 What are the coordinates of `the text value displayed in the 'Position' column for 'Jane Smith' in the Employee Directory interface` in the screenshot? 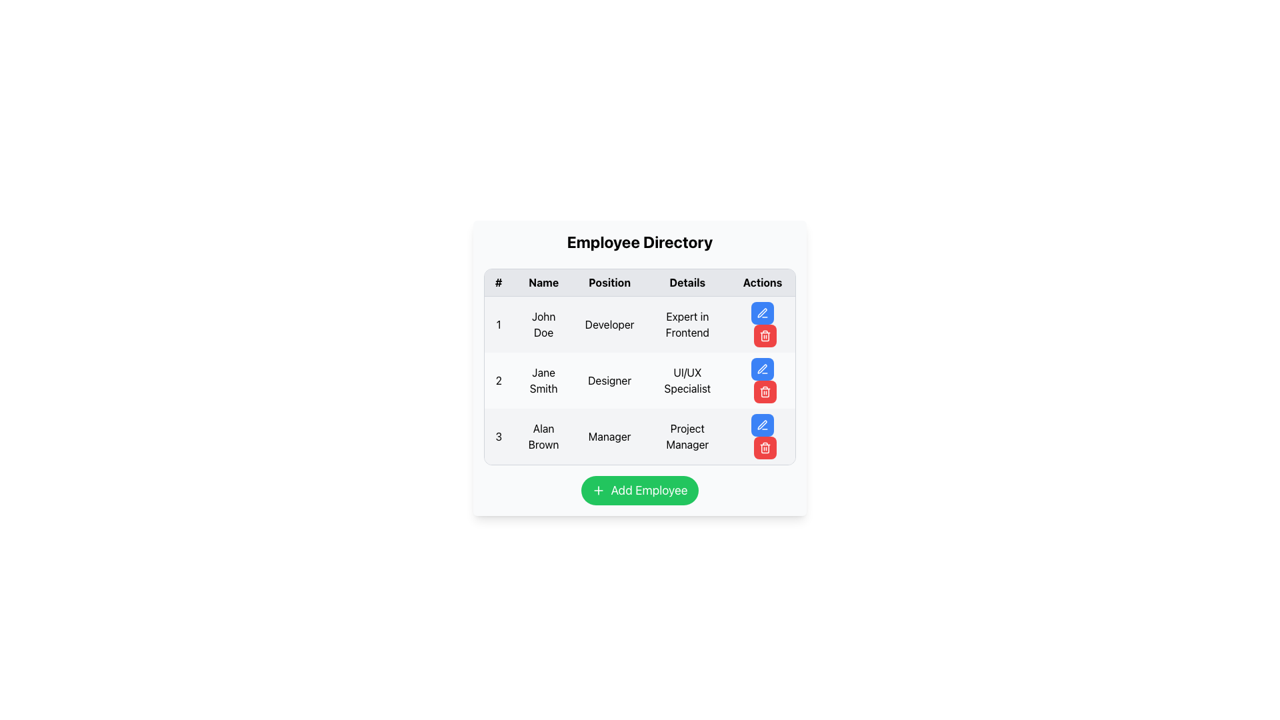 It's located at (609, 380).